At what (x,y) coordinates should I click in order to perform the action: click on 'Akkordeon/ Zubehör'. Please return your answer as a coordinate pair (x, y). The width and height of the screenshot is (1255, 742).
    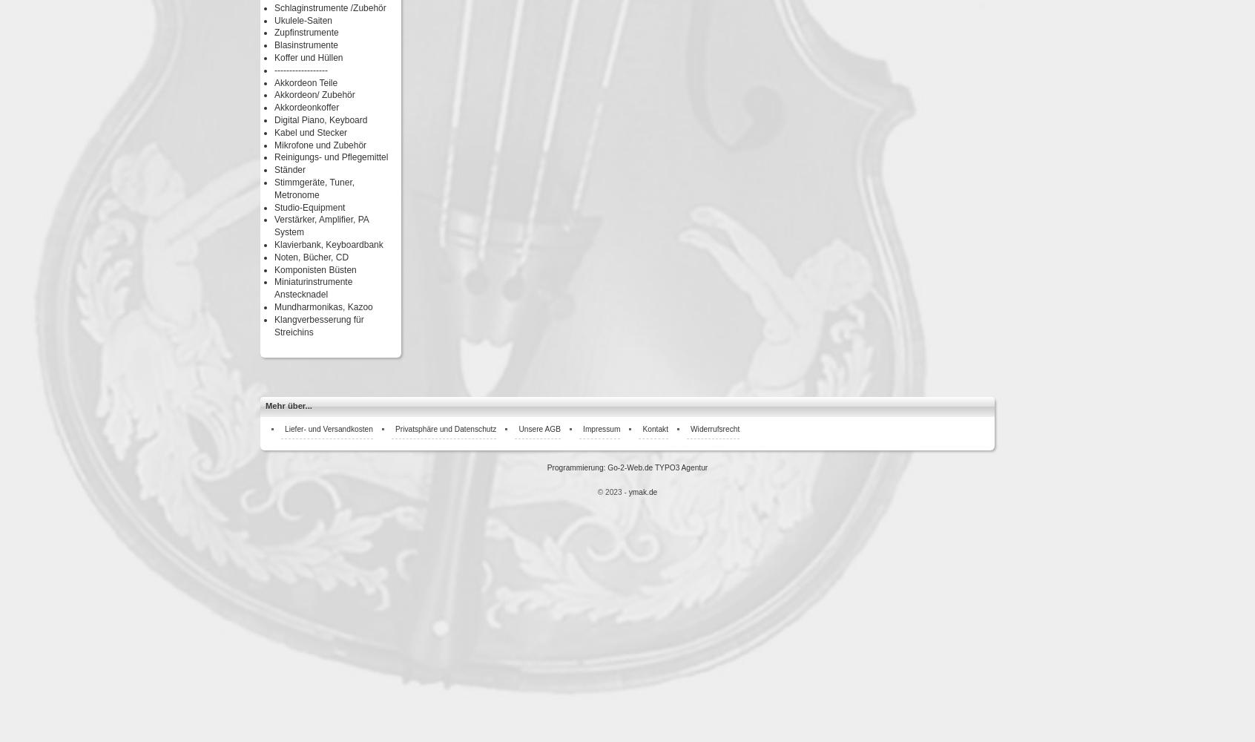
    Looking at the image, I should click on (274, 95).